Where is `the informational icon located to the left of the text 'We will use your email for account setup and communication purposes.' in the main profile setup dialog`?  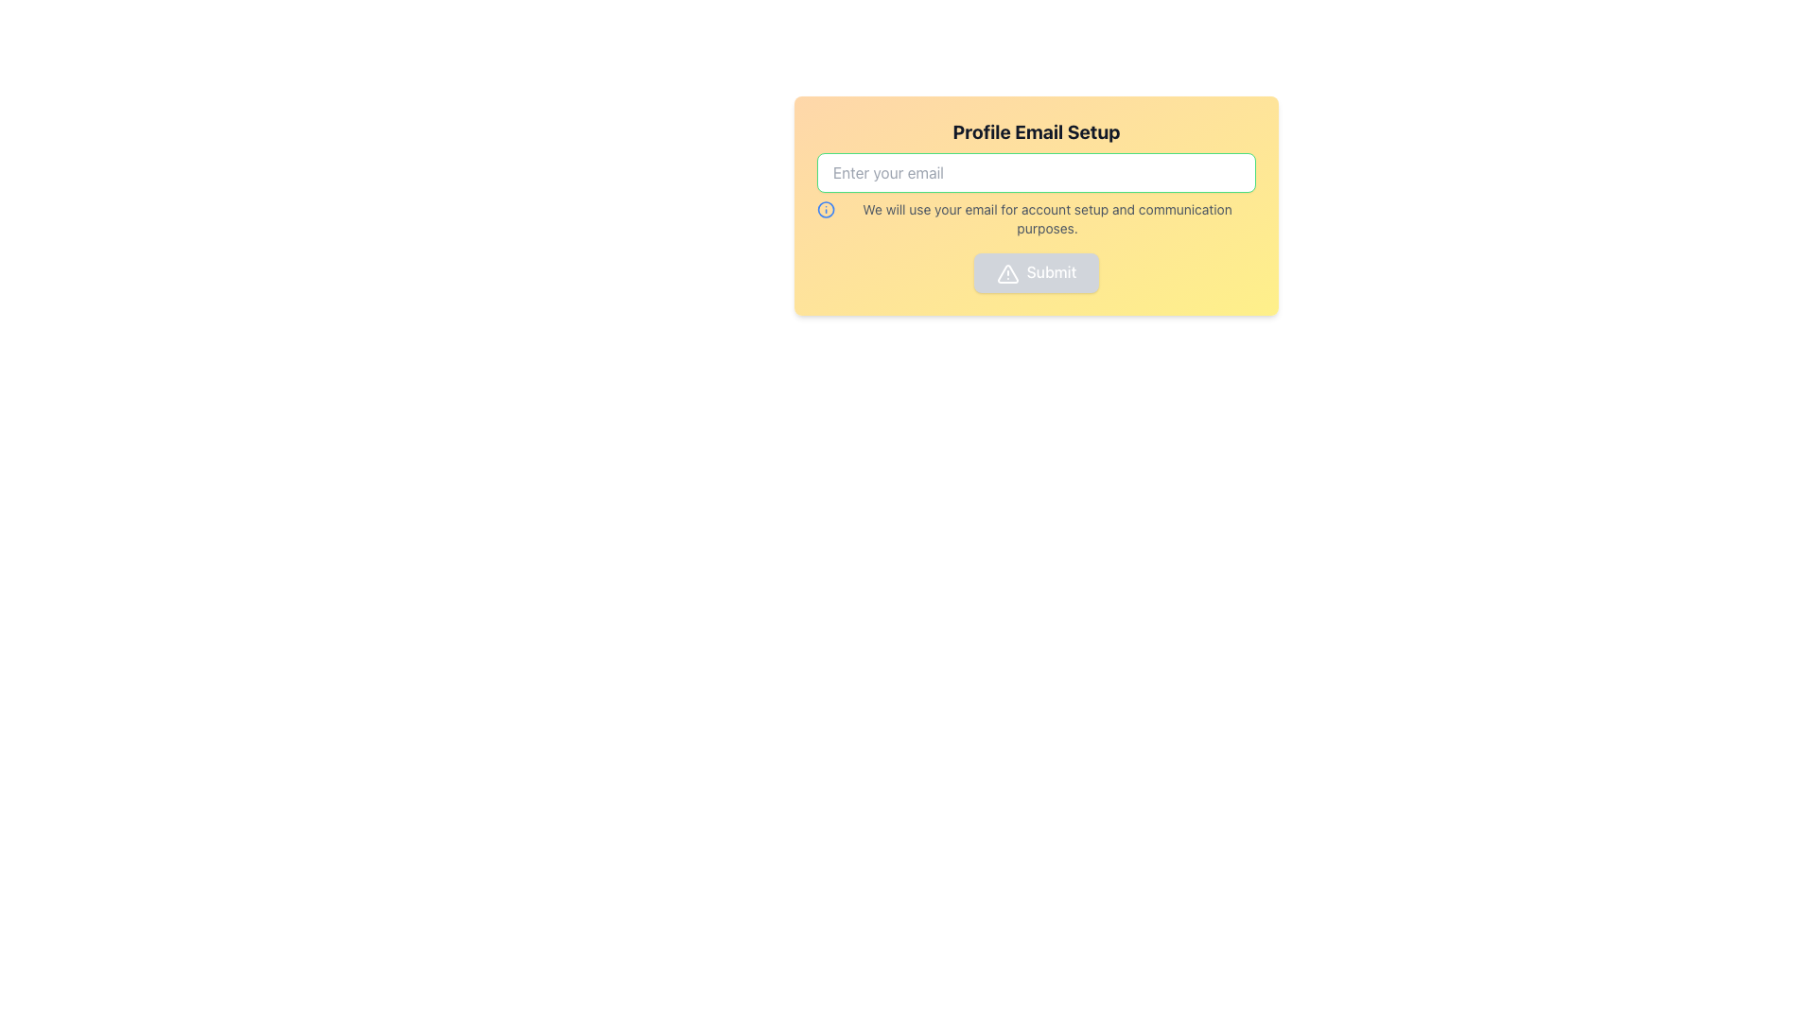
the informational icon located to the left of the text 'We will use your email for account setup and communication purposes.' in the main profile setup dialog is located at coordinates (826, 210).